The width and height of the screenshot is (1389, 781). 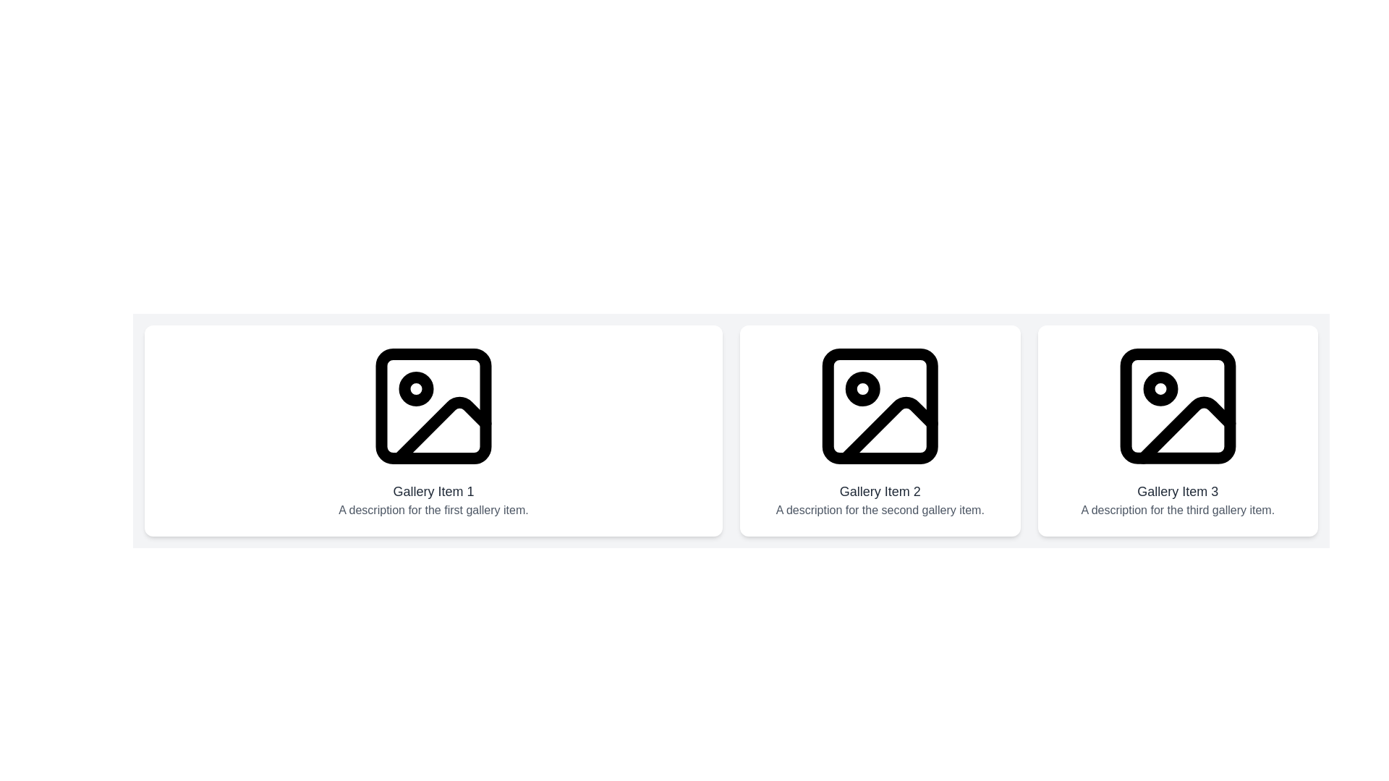 What do you see at coordinates (433, 406) in the screenshot?
I see `properties of the SVG rectangle component located in the top-left corner of the image placeholder within the first gallery item` at bounding box center [433, 406].